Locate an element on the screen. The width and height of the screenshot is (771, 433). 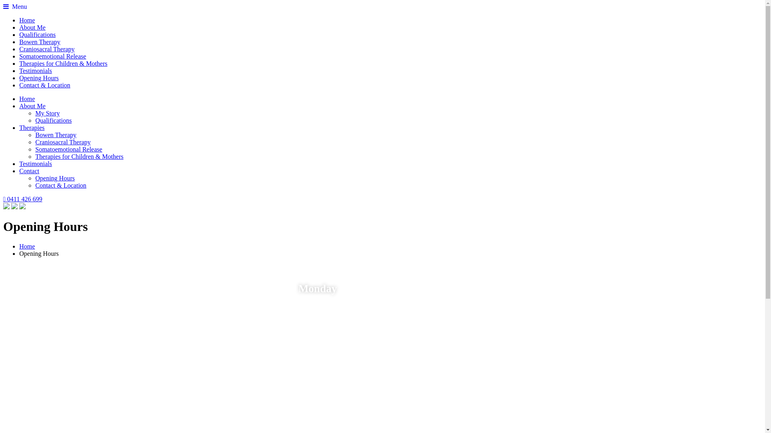
'Home' is located at coordinates (27, 246).